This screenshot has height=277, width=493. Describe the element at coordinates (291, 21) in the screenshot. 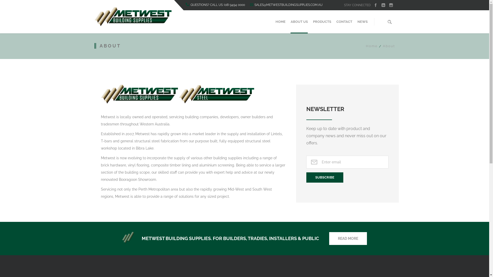

I see `'ABOUT US'` at that location.